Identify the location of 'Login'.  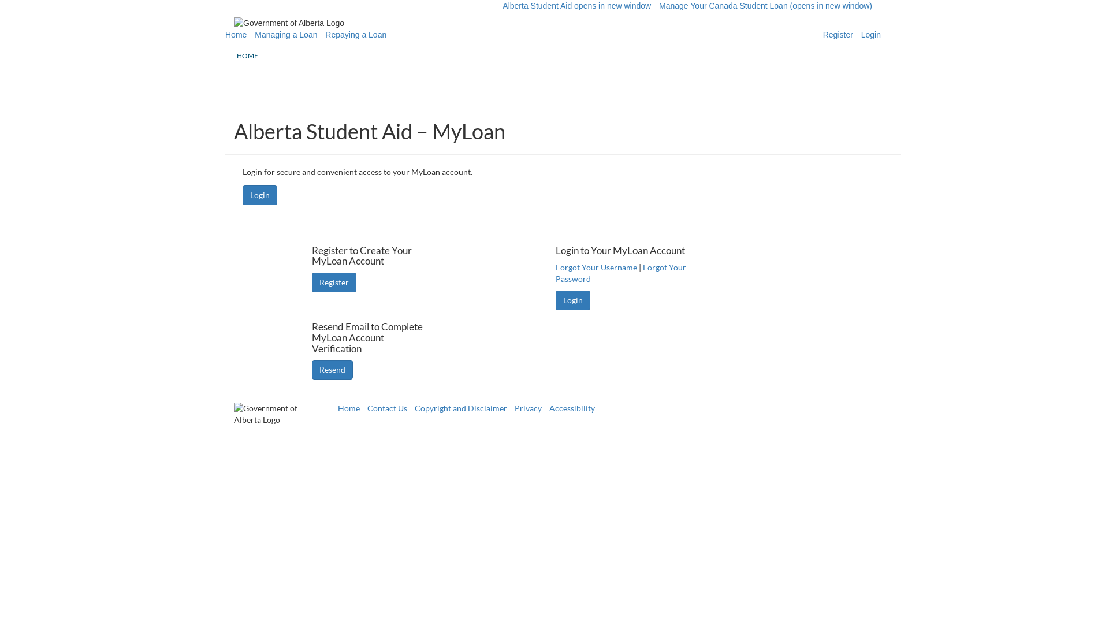
(573, 300).